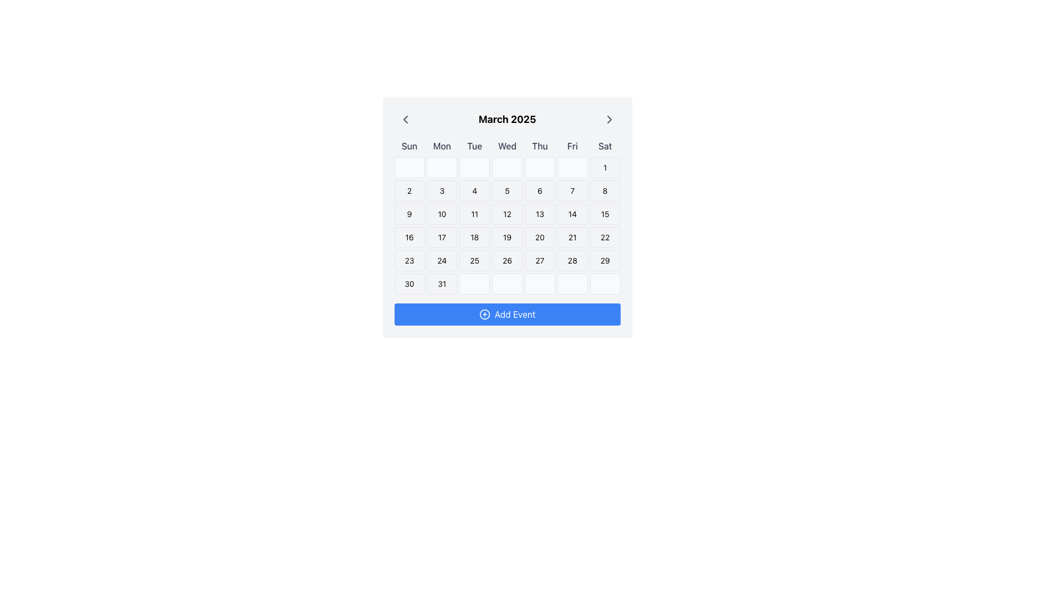 This screenshot has height=598, width=1064. I want to click on the date button representing '17' in the calendar interface, so click(441, 236).